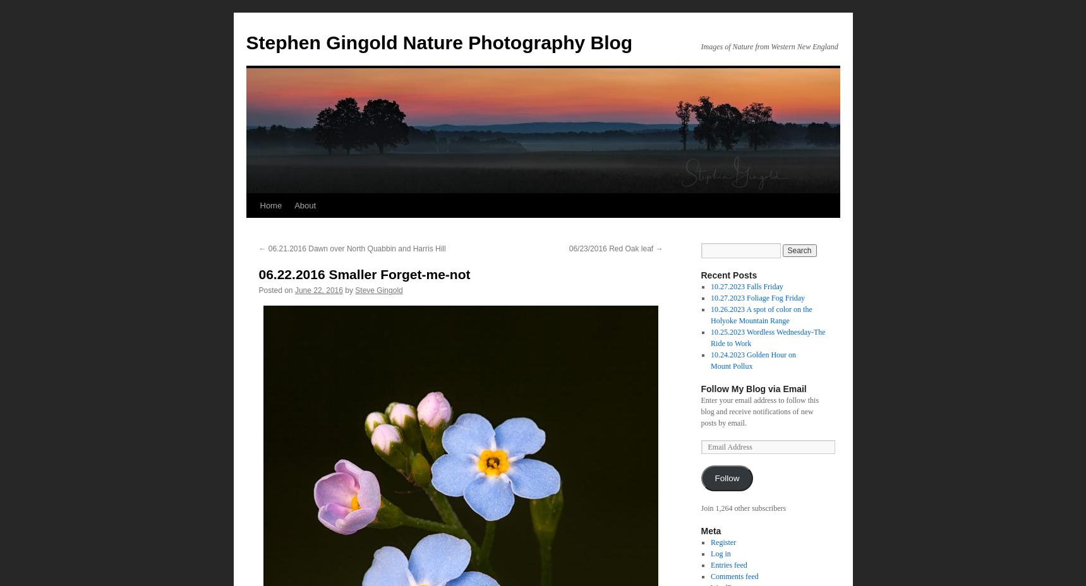 This screenshot has height=586, width=1086. Describe the element at coordinates (275, 290) in the screenshot. I see `'Posted on'` at that location.